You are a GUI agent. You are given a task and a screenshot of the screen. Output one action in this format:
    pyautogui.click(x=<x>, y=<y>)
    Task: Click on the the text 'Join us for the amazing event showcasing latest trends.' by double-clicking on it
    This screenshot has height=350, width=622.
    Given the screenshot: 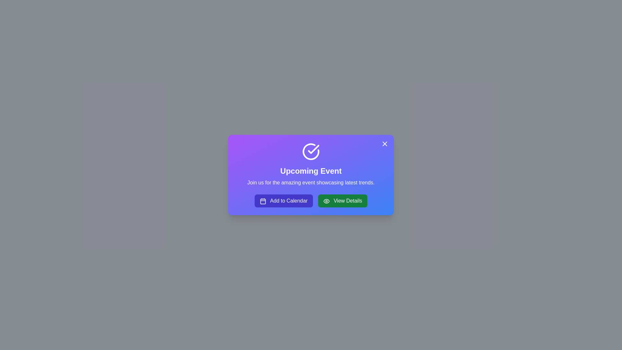 What is the action you would take?
    pyautogui.click(x=311, y=182)
    